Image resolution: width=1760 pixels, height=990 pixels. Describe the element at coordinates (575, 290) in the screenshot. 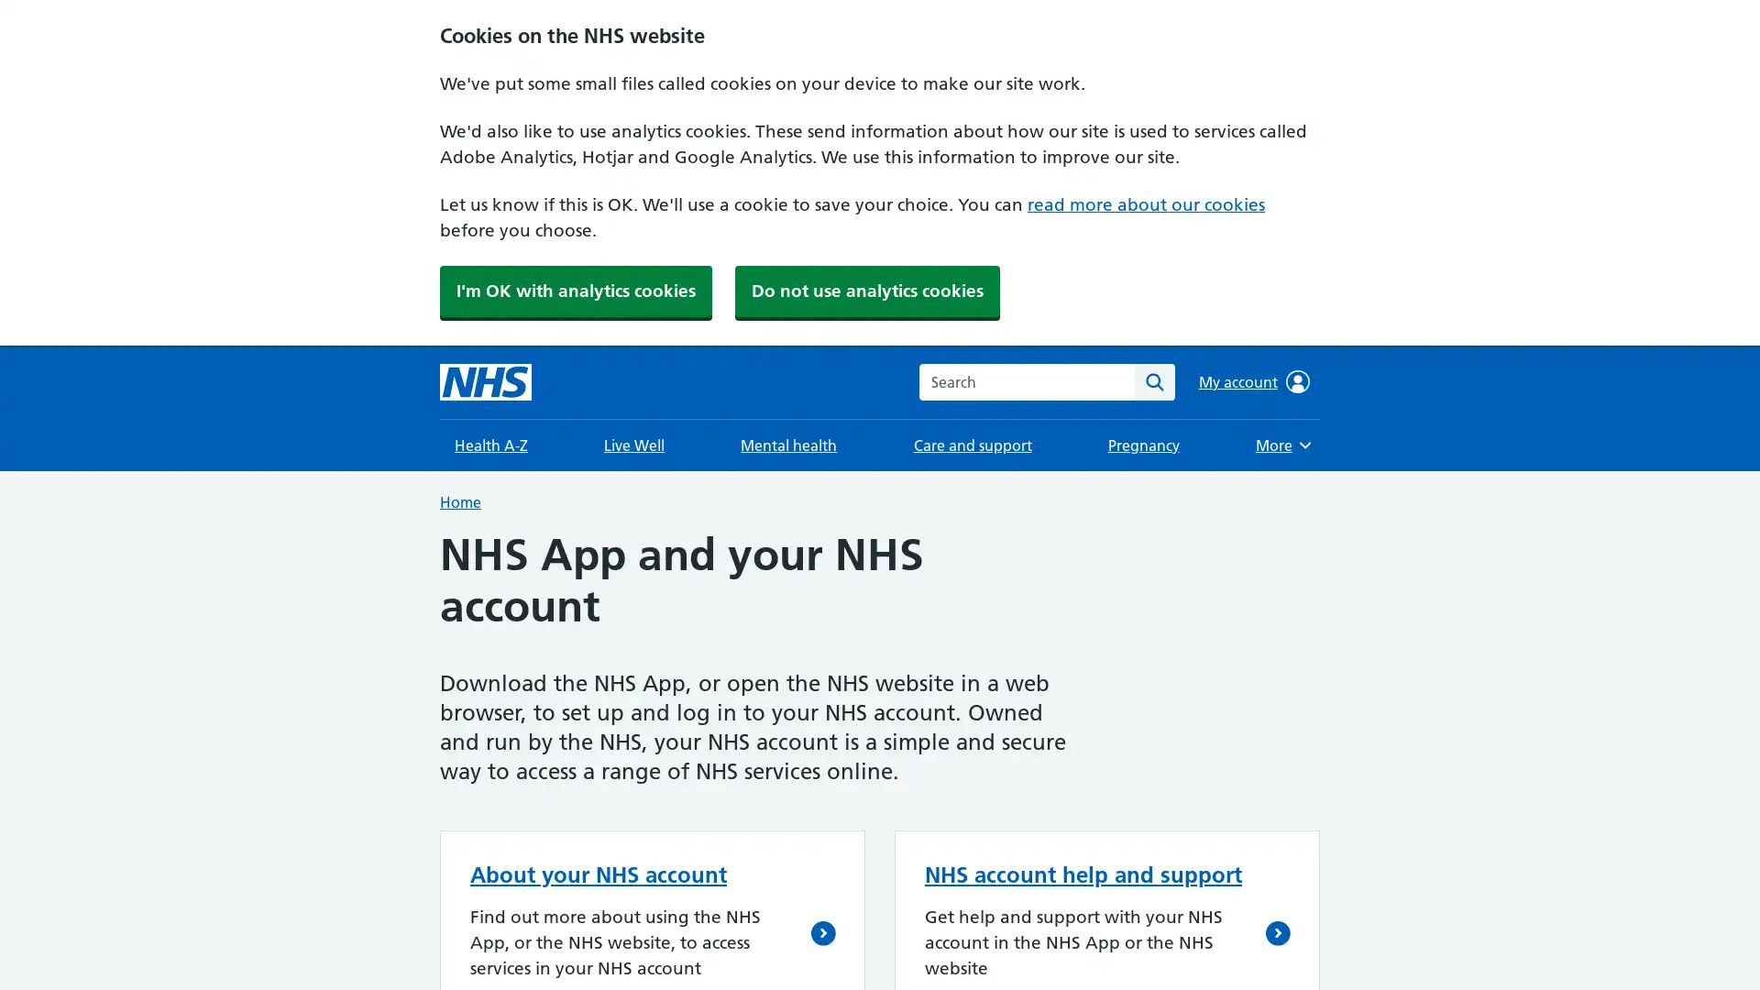

I see `I'm OK with analytics cookies` at that location.